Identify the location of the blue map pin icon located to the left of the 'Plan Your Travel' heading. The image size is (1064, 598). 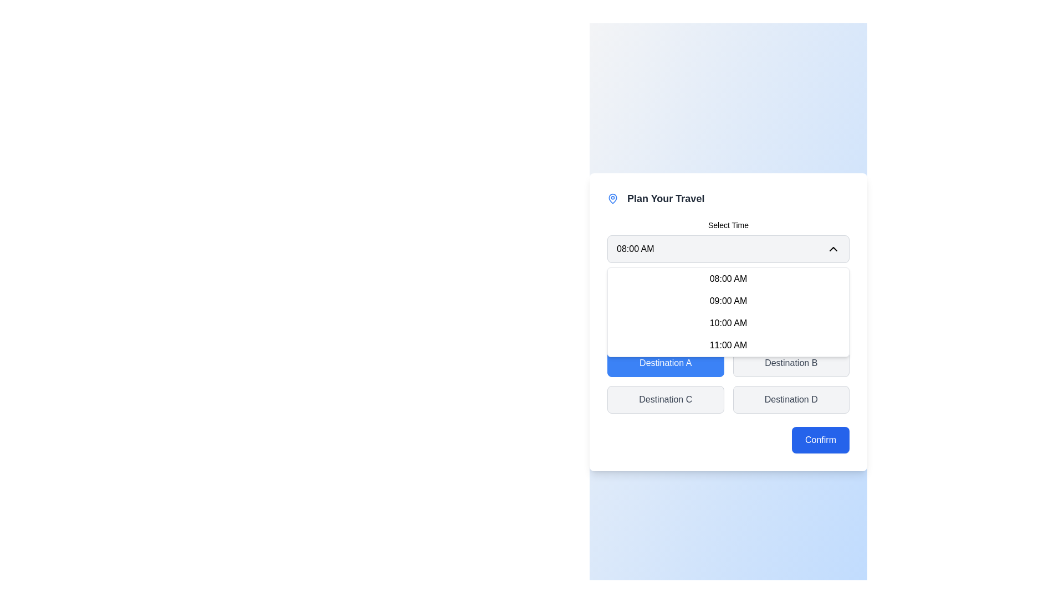
(612, 198).